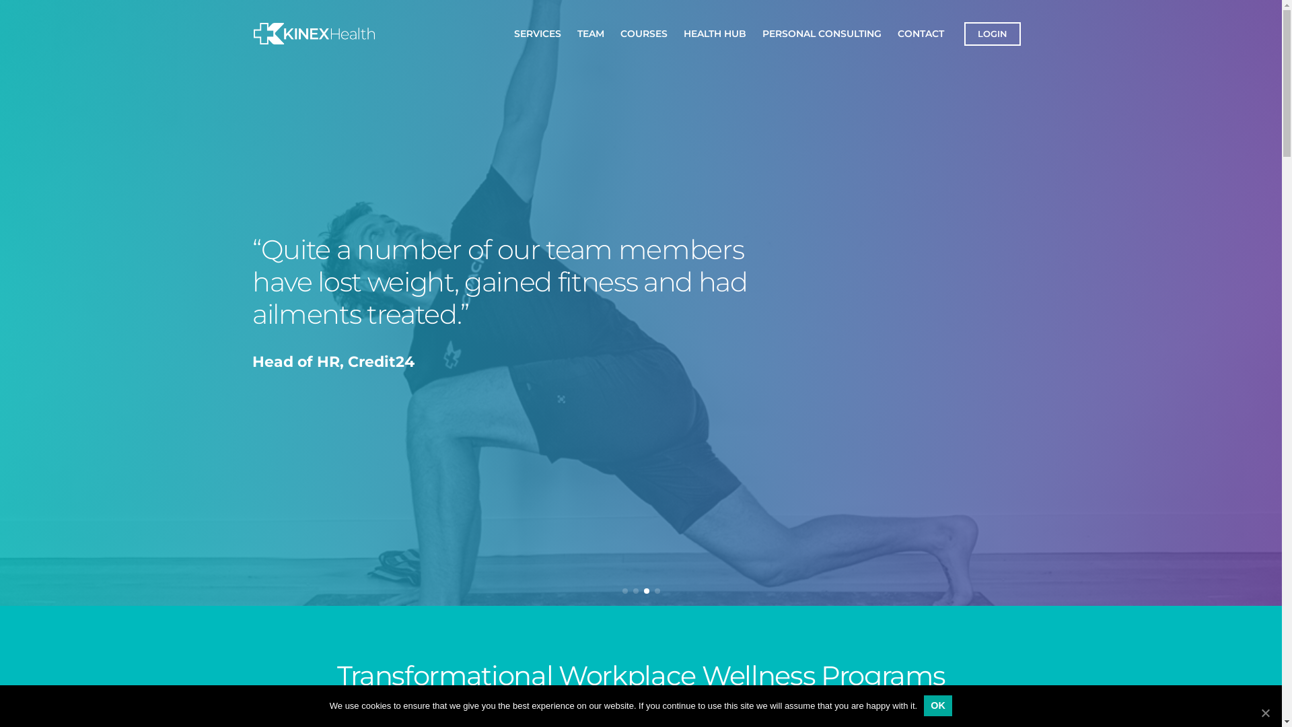  What do you see at coordinates (714, 32) in the screenshot?
I see `'HEALTH HUB'` at bounding box center [714, 32].